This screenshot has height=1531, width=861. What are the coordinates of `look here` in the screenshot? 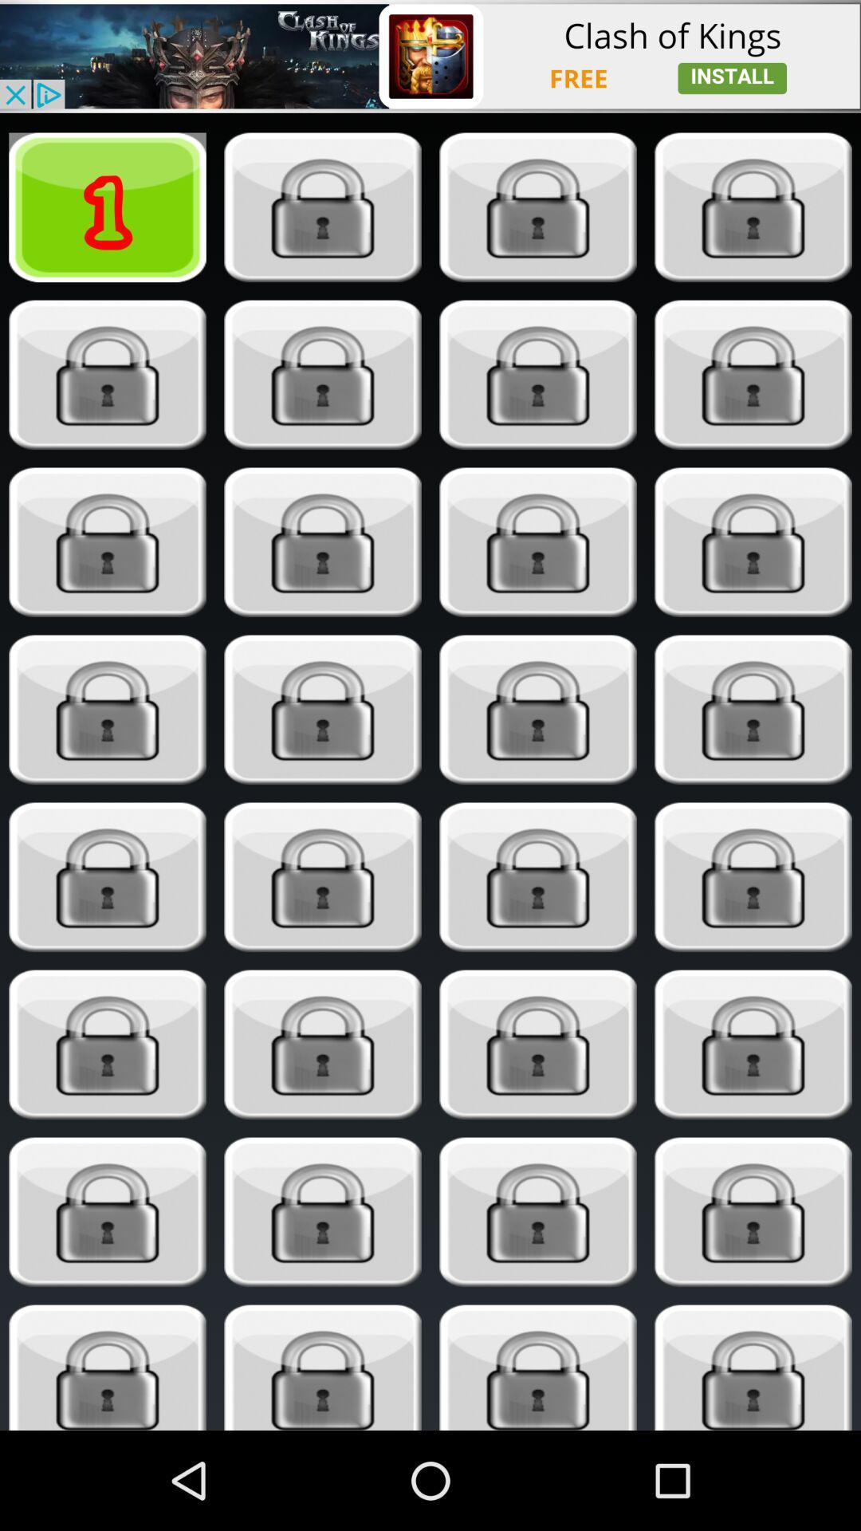 It's located at (538, 542).